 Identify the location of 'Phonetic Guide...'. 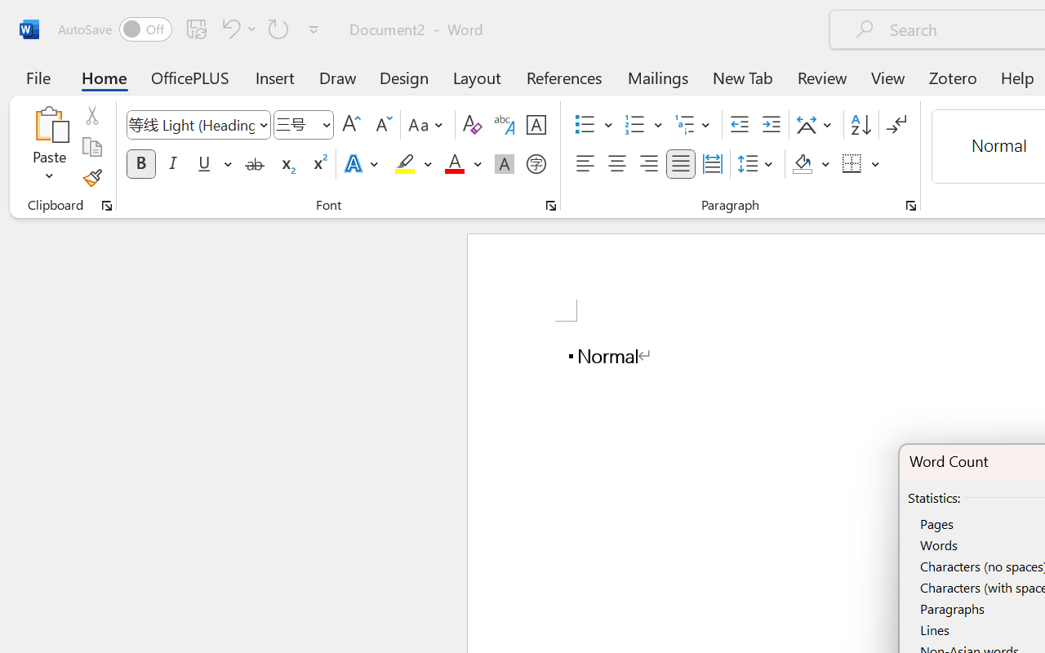
(504, 125).